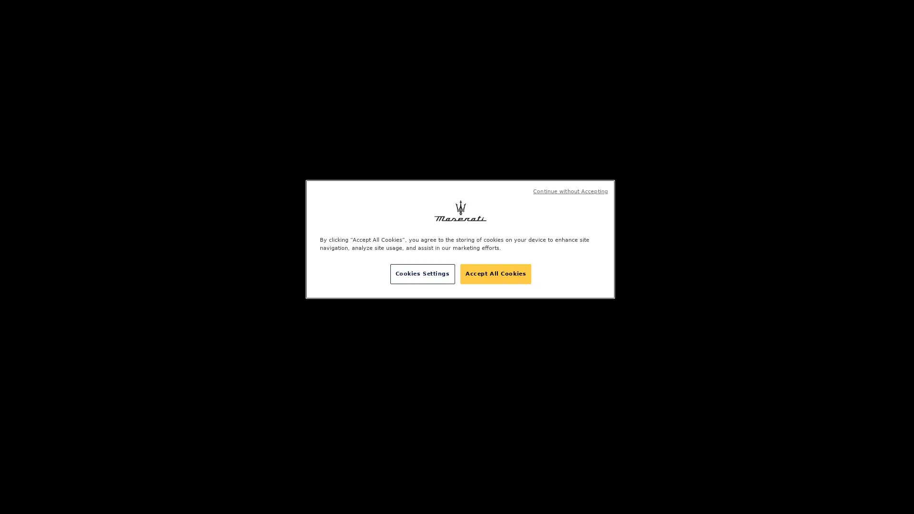 The width and height of the screenshot is (914, 514). What do you see at coordinates (422, 274) in the screenshot?
I see `Cookies Settings` at bounding box center [422, 274].